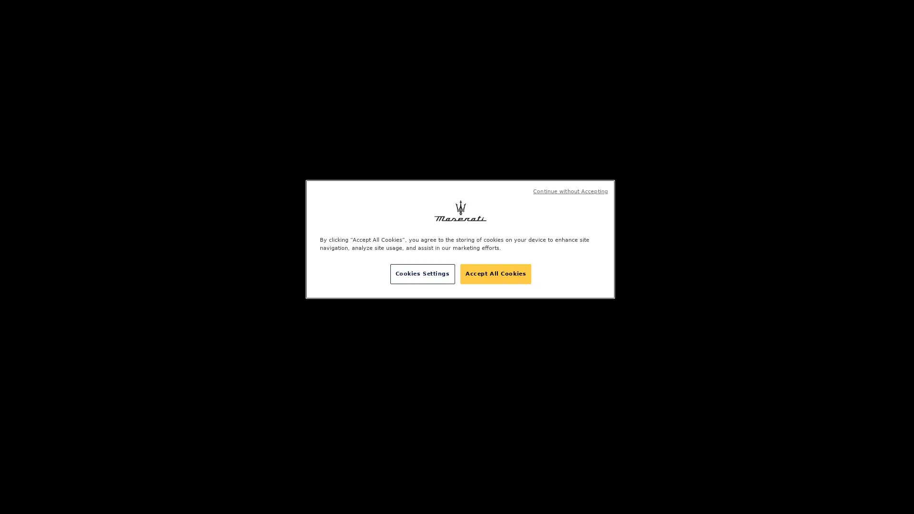 The width and height of the screenshot is (914, 514). What do you see at coordinates (422, 274) in the screenshot?
I see `Cookies Settings` at bounding box center [422, 274].